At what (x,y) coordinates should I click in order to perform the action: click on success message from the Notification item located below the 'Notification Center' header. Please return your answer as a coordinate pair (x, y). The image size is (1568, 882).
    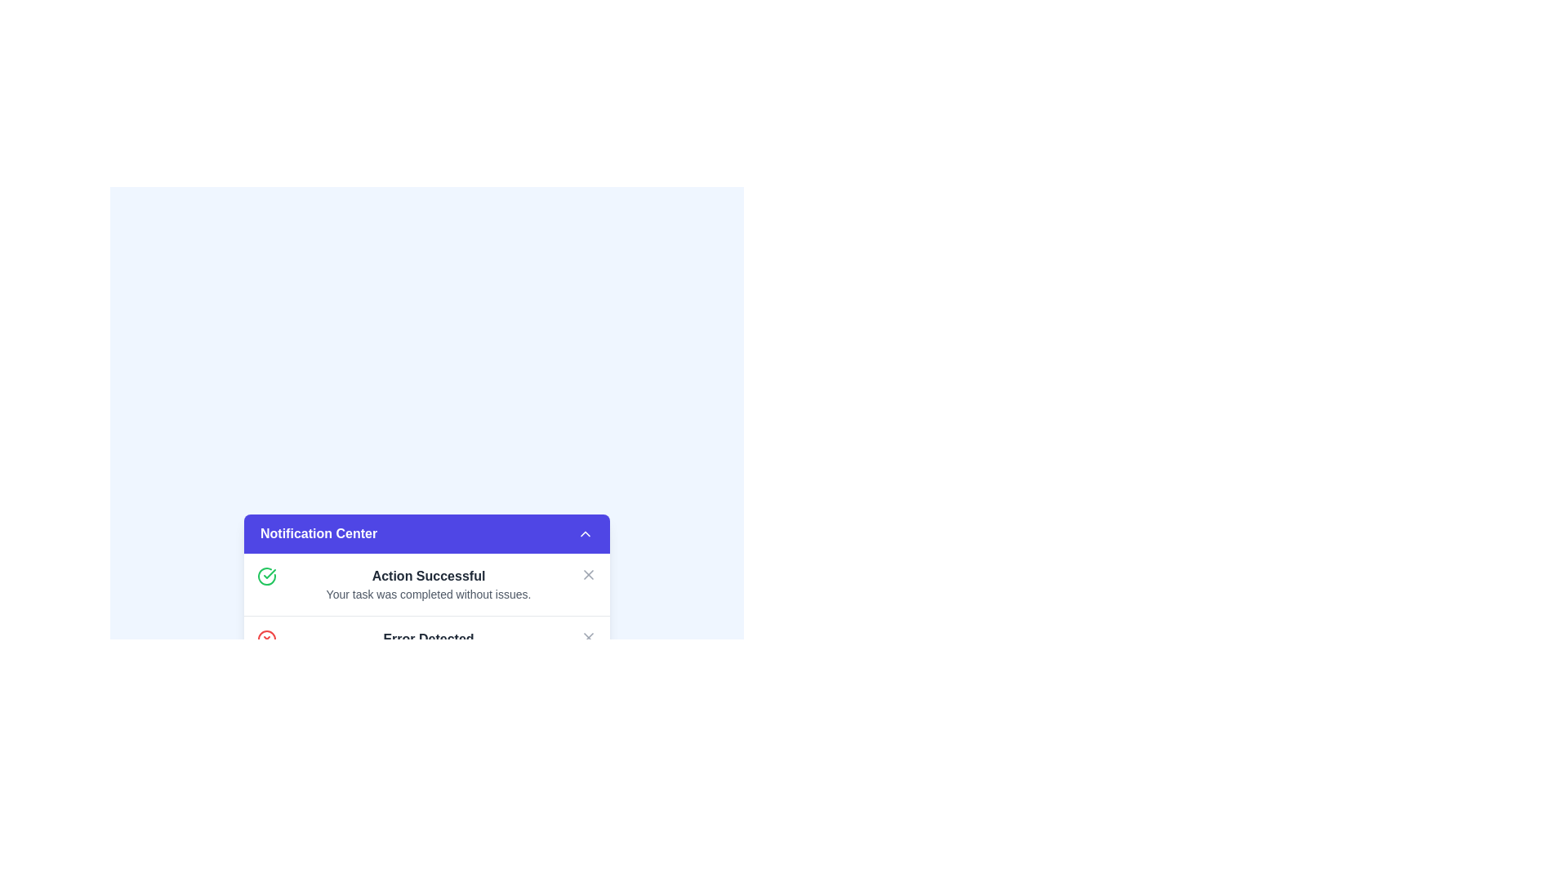
    Looking at the image, I should click on (427, 584).